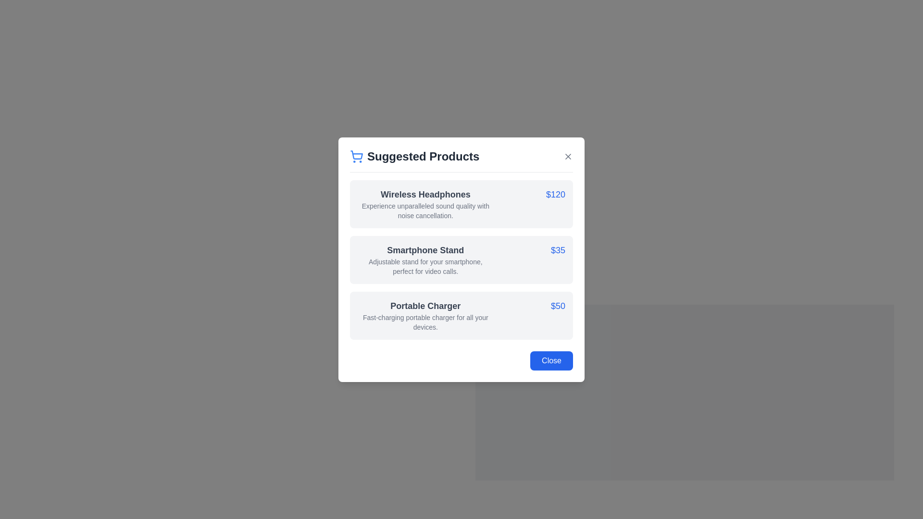  What do you see at coordinates (461, 259) in the screenshot?
I see `product information displayed on the second item of the 'Suggested Products' modal, which shows details for a smartphone stand` at bounding box center [461, 259].